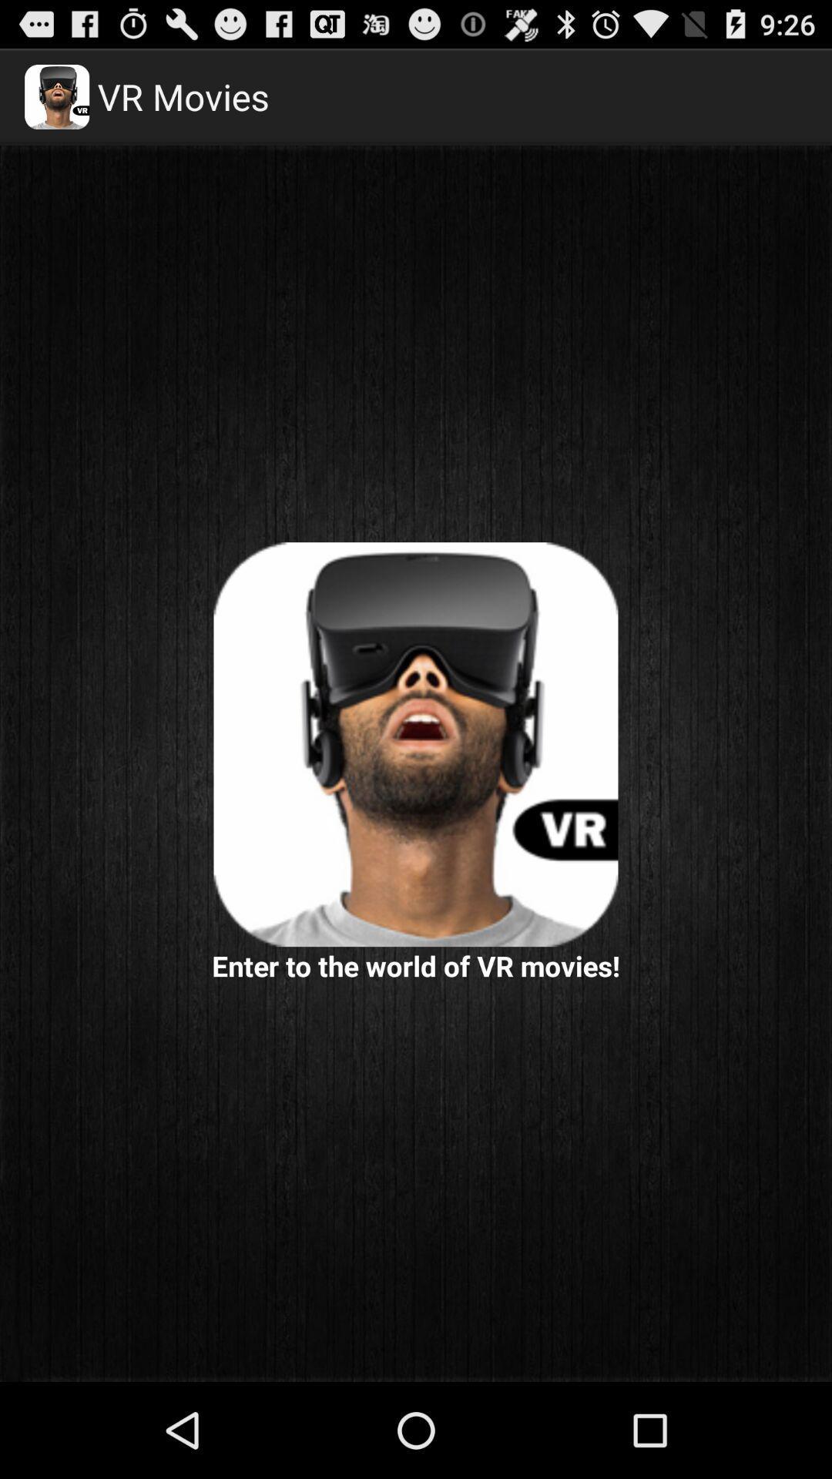  I want to click on the app below vr movies app, so click(416, 744).